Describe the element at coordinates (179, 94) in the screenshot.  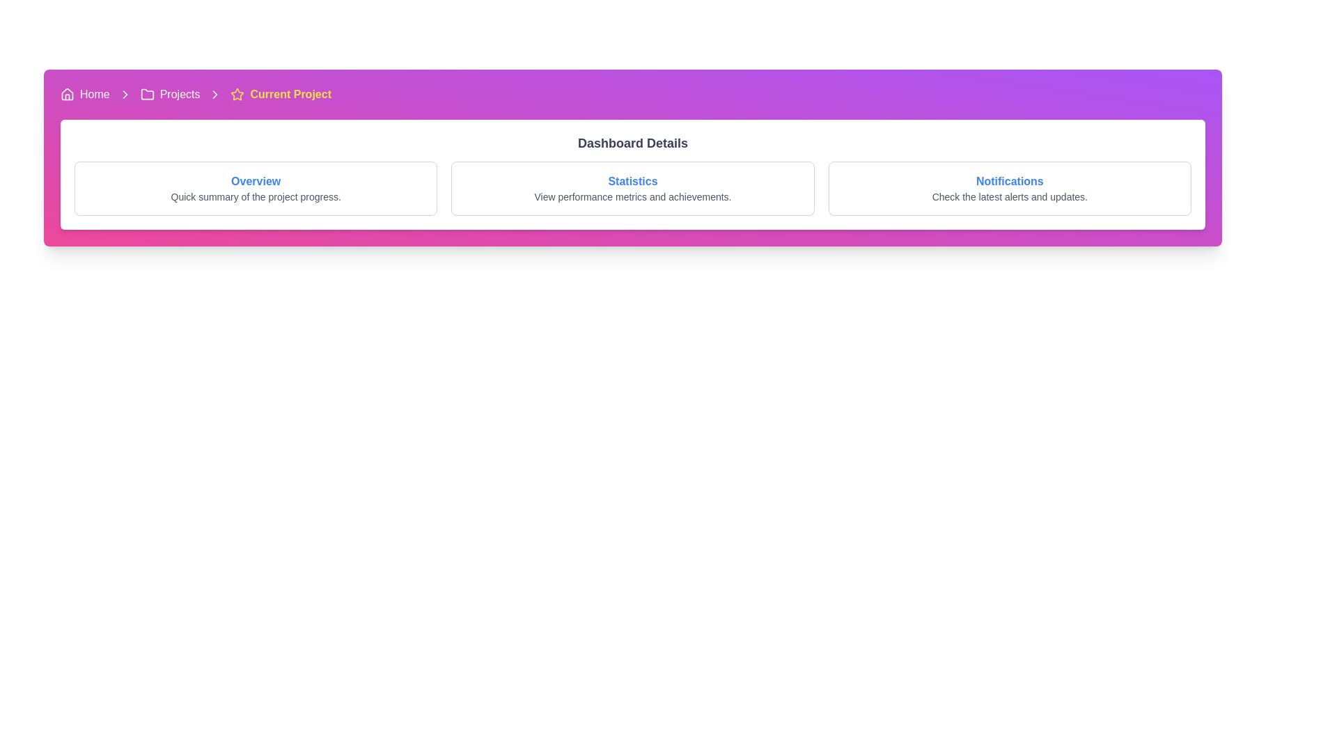
I see `the 'Projects' clickable link in the breadcrumb navigation bar` at that location.